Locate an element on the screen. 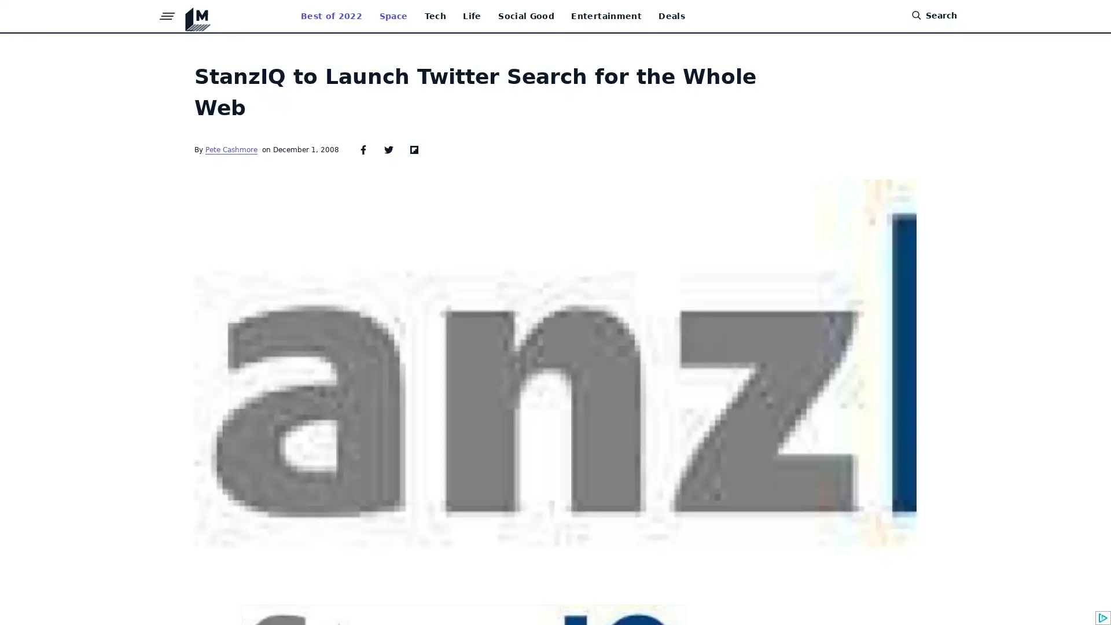 The height and width of the screenshot is (625, 1111). Menu is located at coordinates (167, 16).